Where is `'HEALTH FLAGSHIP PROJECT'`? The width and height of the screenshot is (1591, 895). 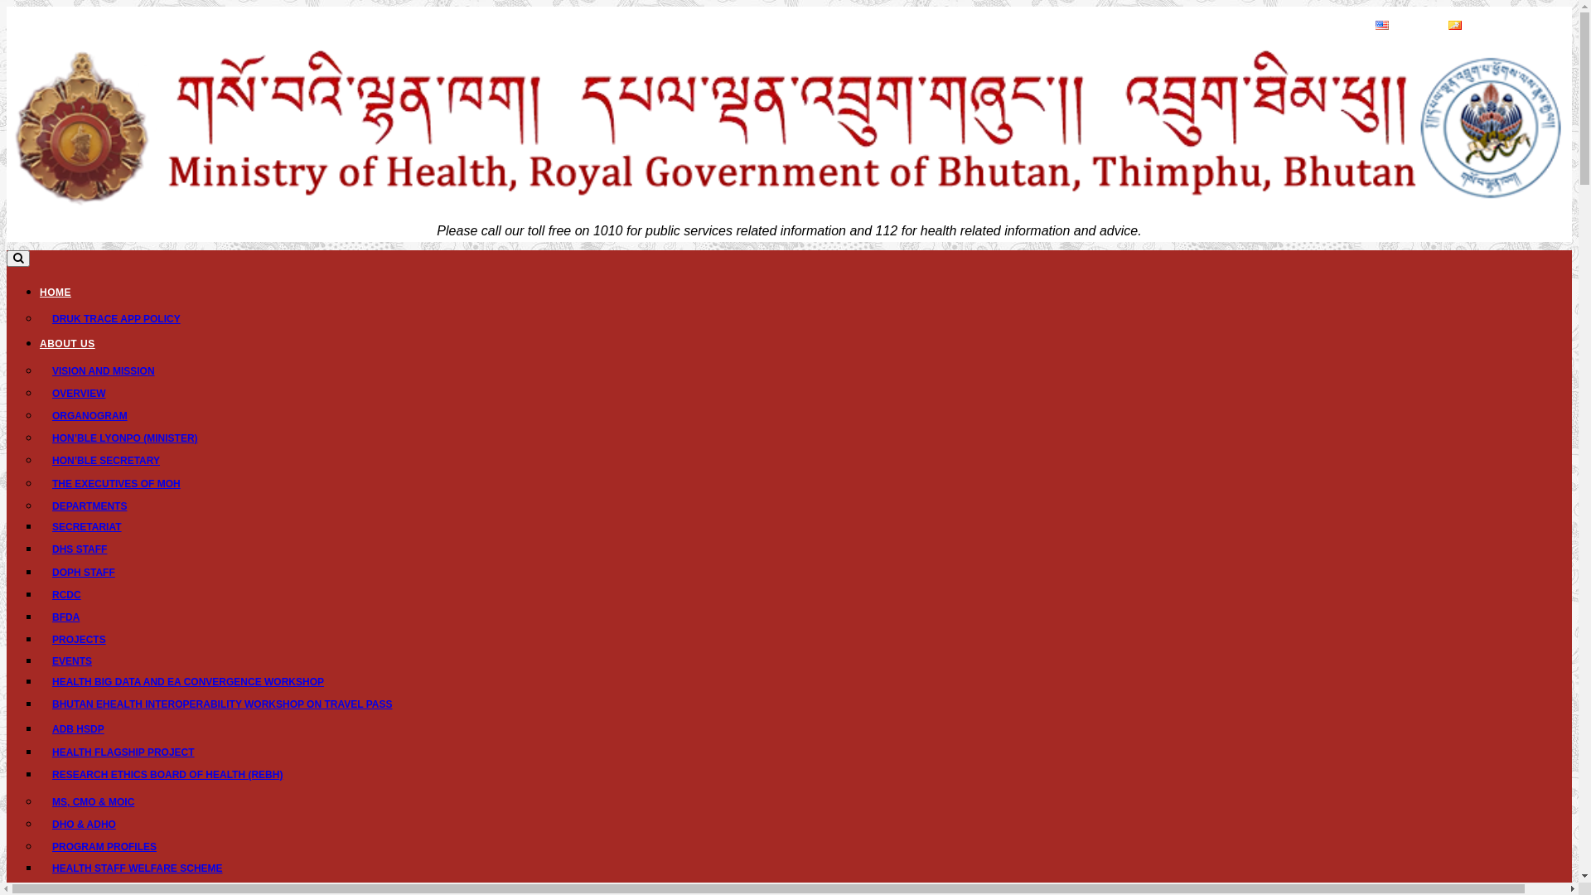 'HEALTH FLAGSHIP PROJECT' is located at coordinates (40, 752).